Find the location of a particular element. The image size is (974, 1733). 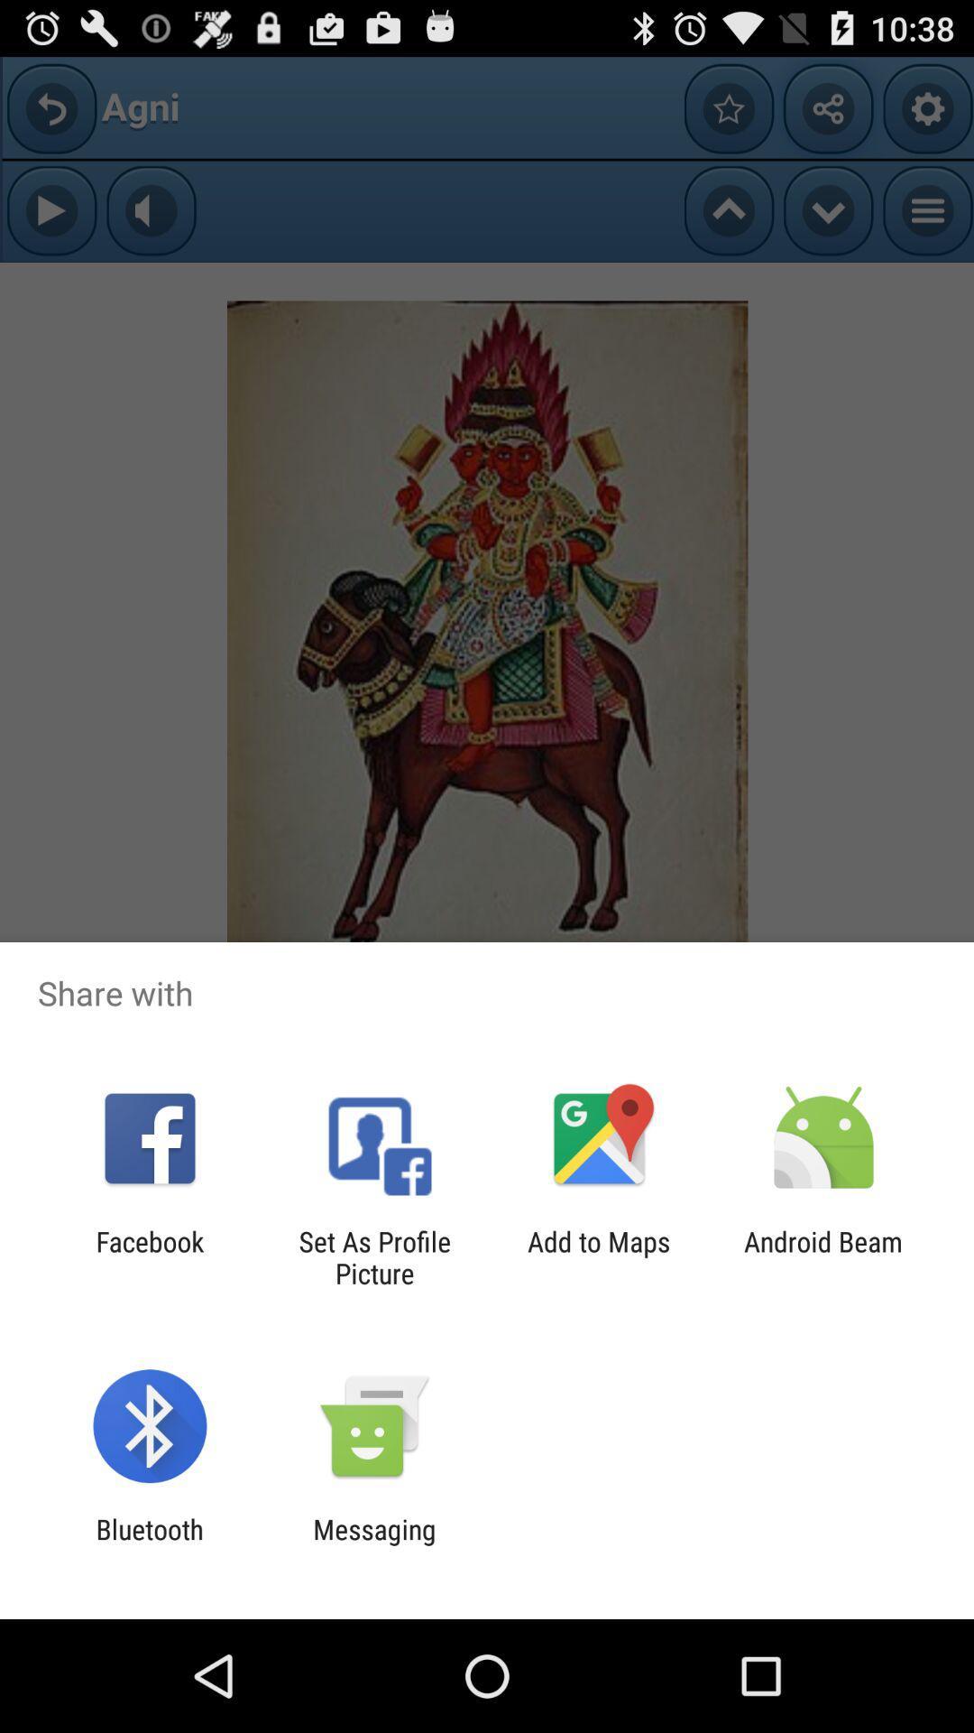

the app at the bottom right corner is located at coordinates (823, 1256).